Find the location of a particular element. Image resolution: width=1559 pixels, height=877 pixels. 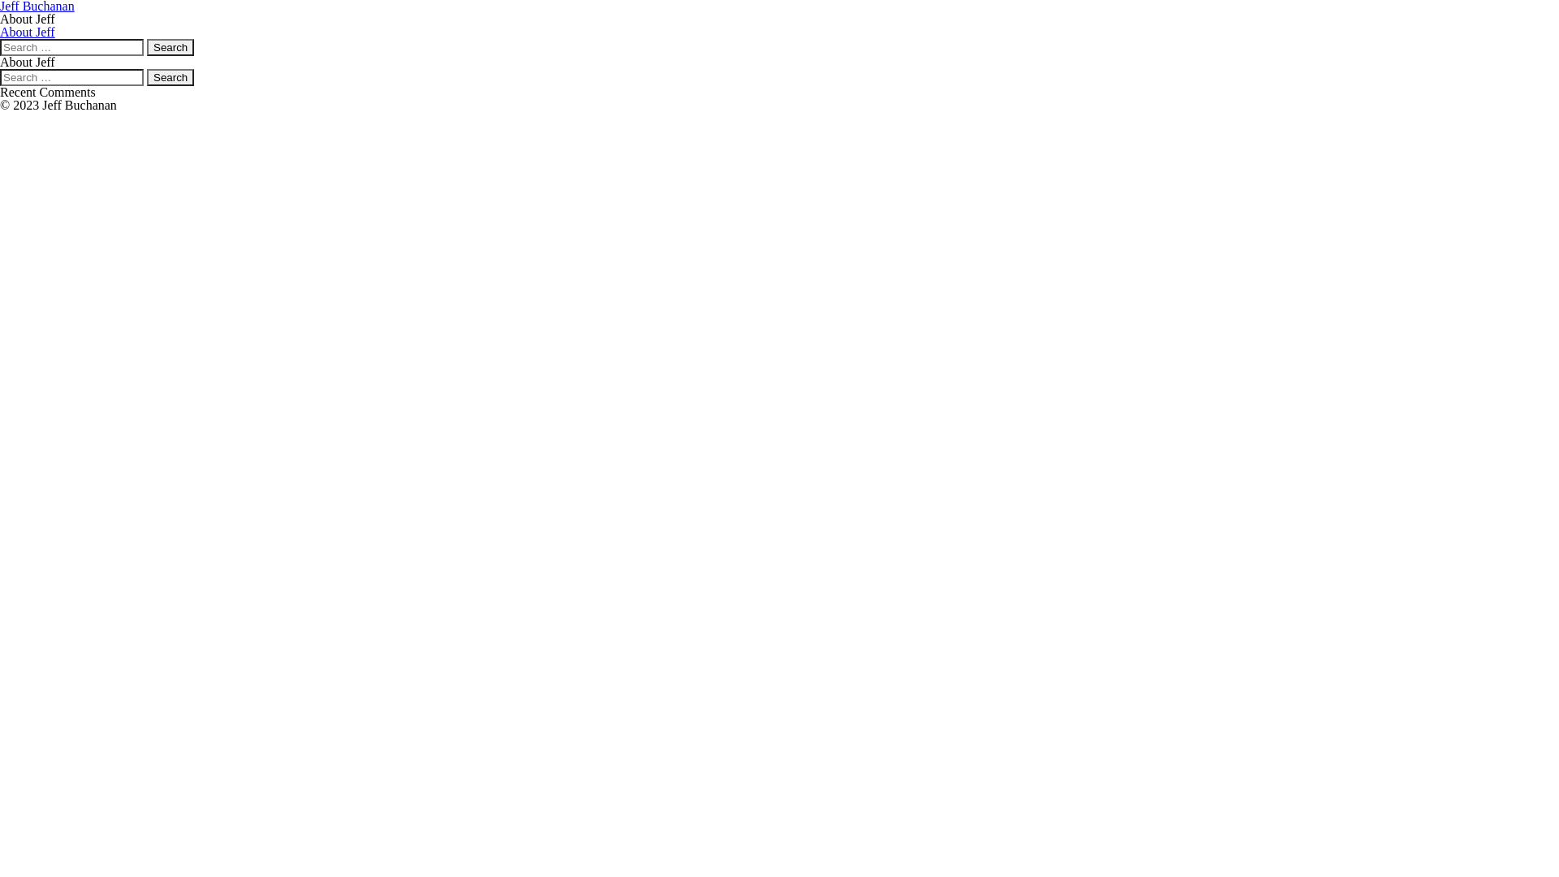

'Search' is located at coordinates (171, 46).